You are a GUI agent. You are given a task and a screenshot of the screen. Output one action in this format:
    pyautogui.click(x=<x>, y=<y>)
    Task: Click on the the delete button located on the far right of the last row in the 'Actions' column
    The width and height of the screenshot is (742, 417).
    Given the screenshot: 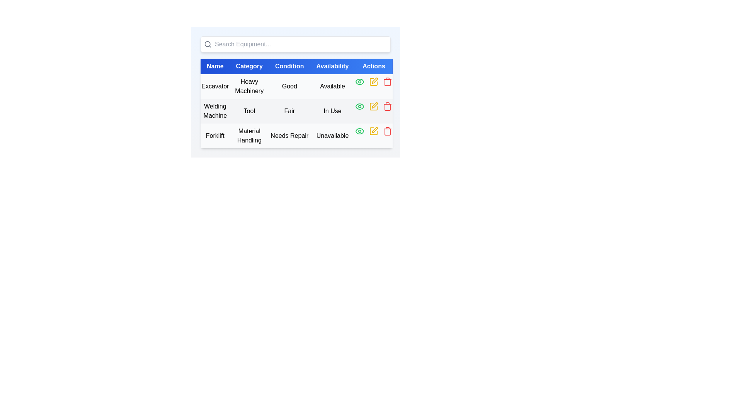 What is the action you would take?
    pyautogui.click(x=388, y=82)
    